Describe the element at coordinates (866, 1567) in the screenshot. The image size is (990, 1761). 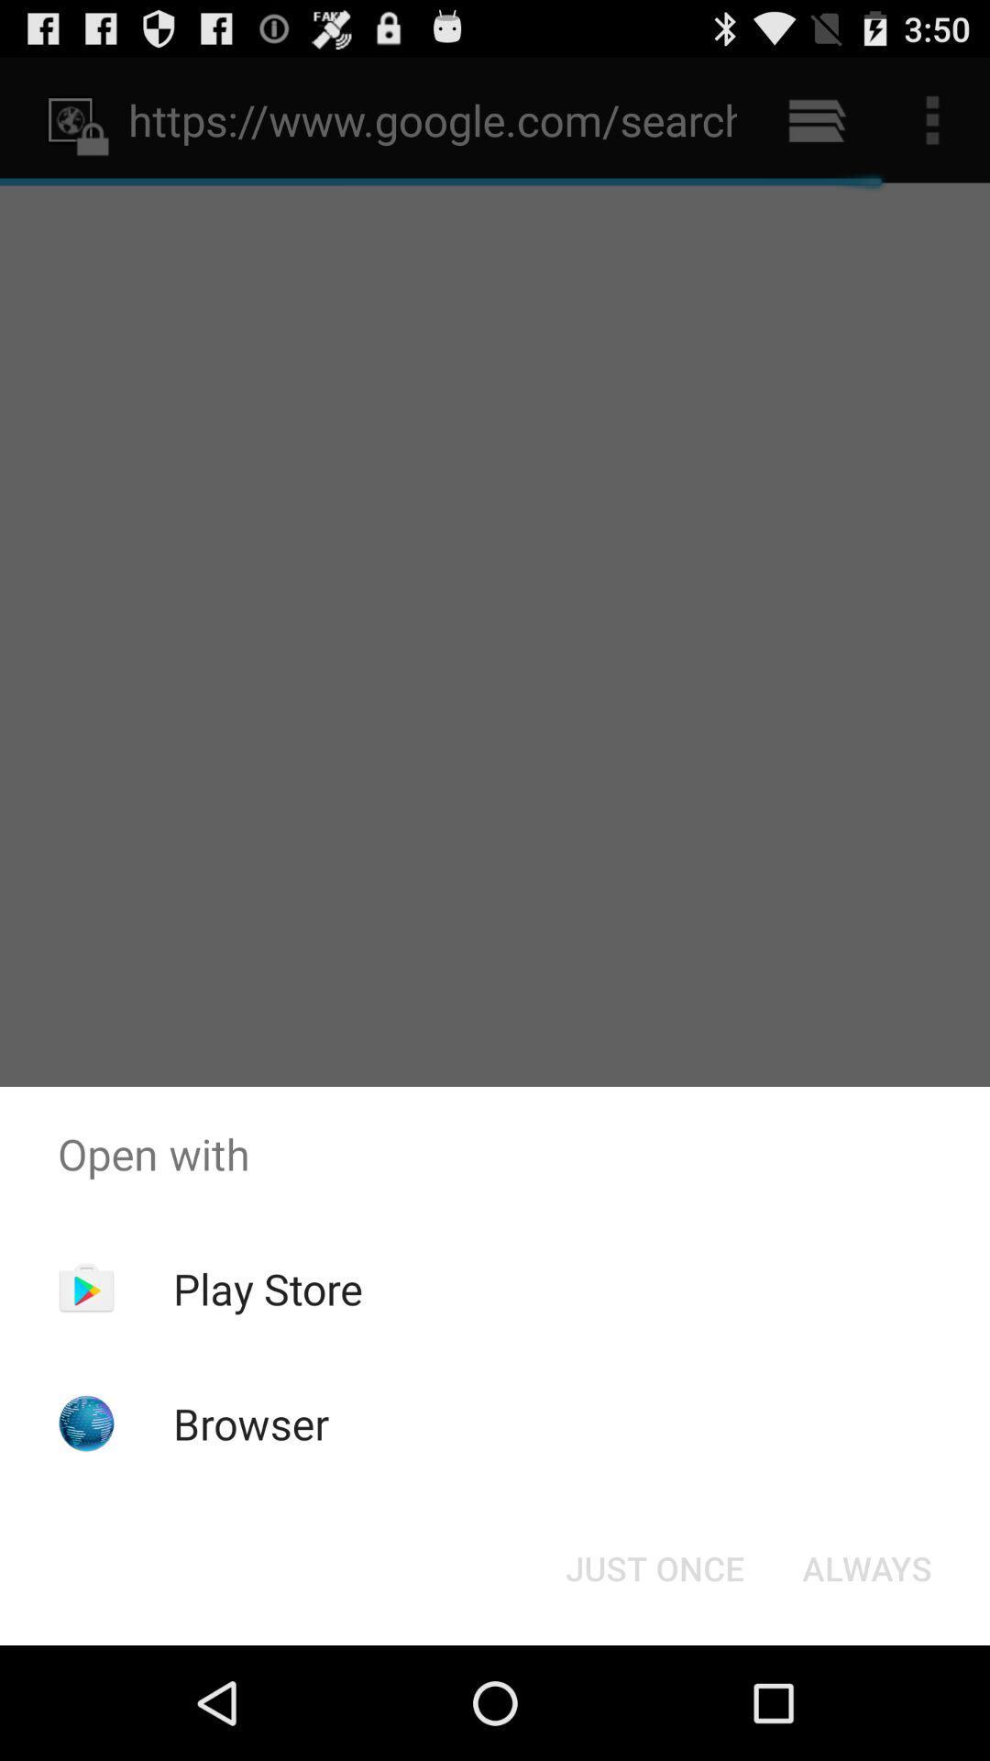
I see `always at the bottom right corner` at that location.